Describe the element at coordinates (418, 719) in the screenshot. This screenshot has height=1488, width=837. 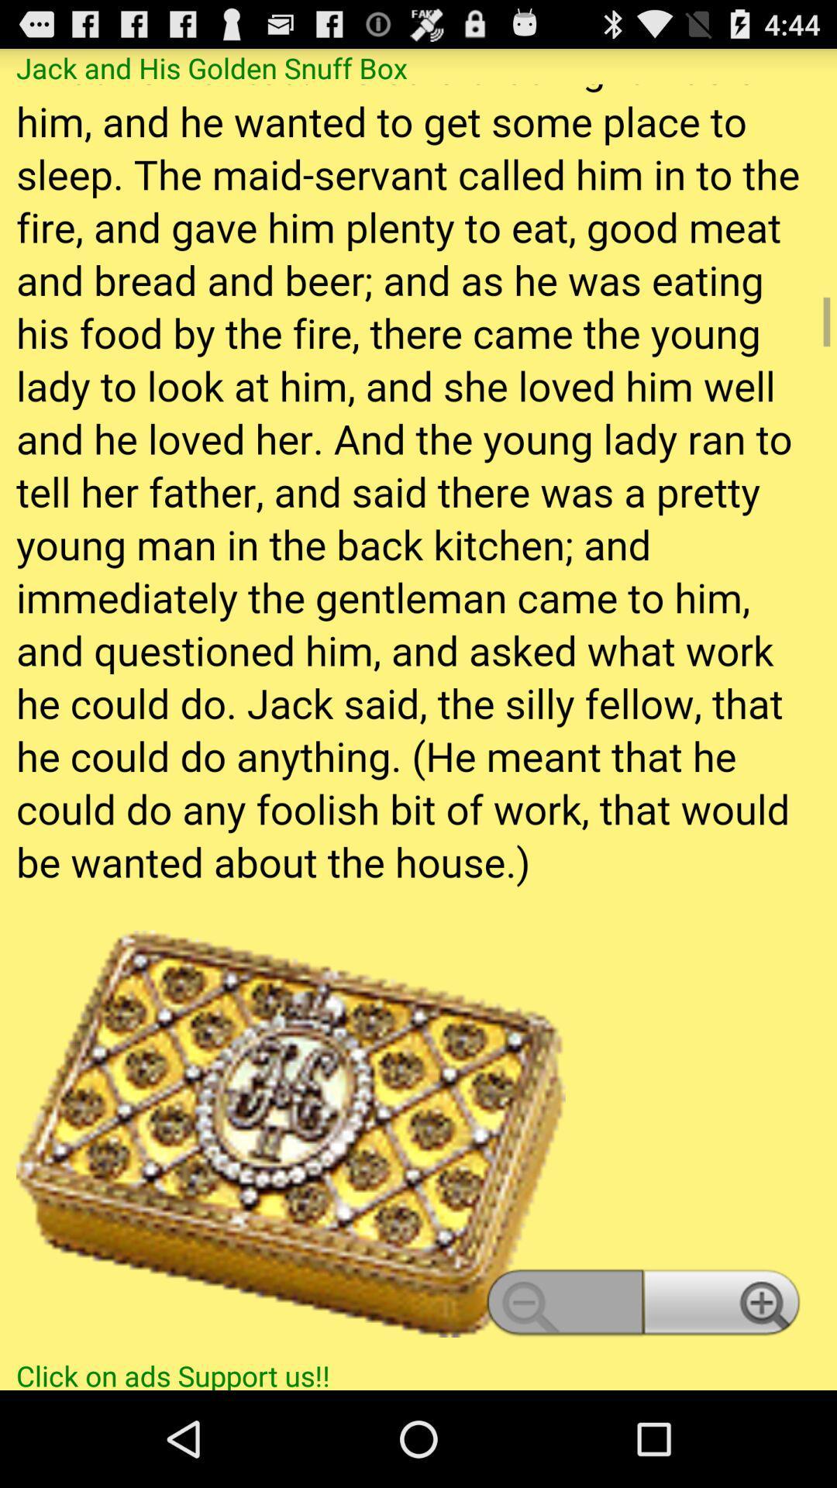
I see `pinch and zoom` at that location.